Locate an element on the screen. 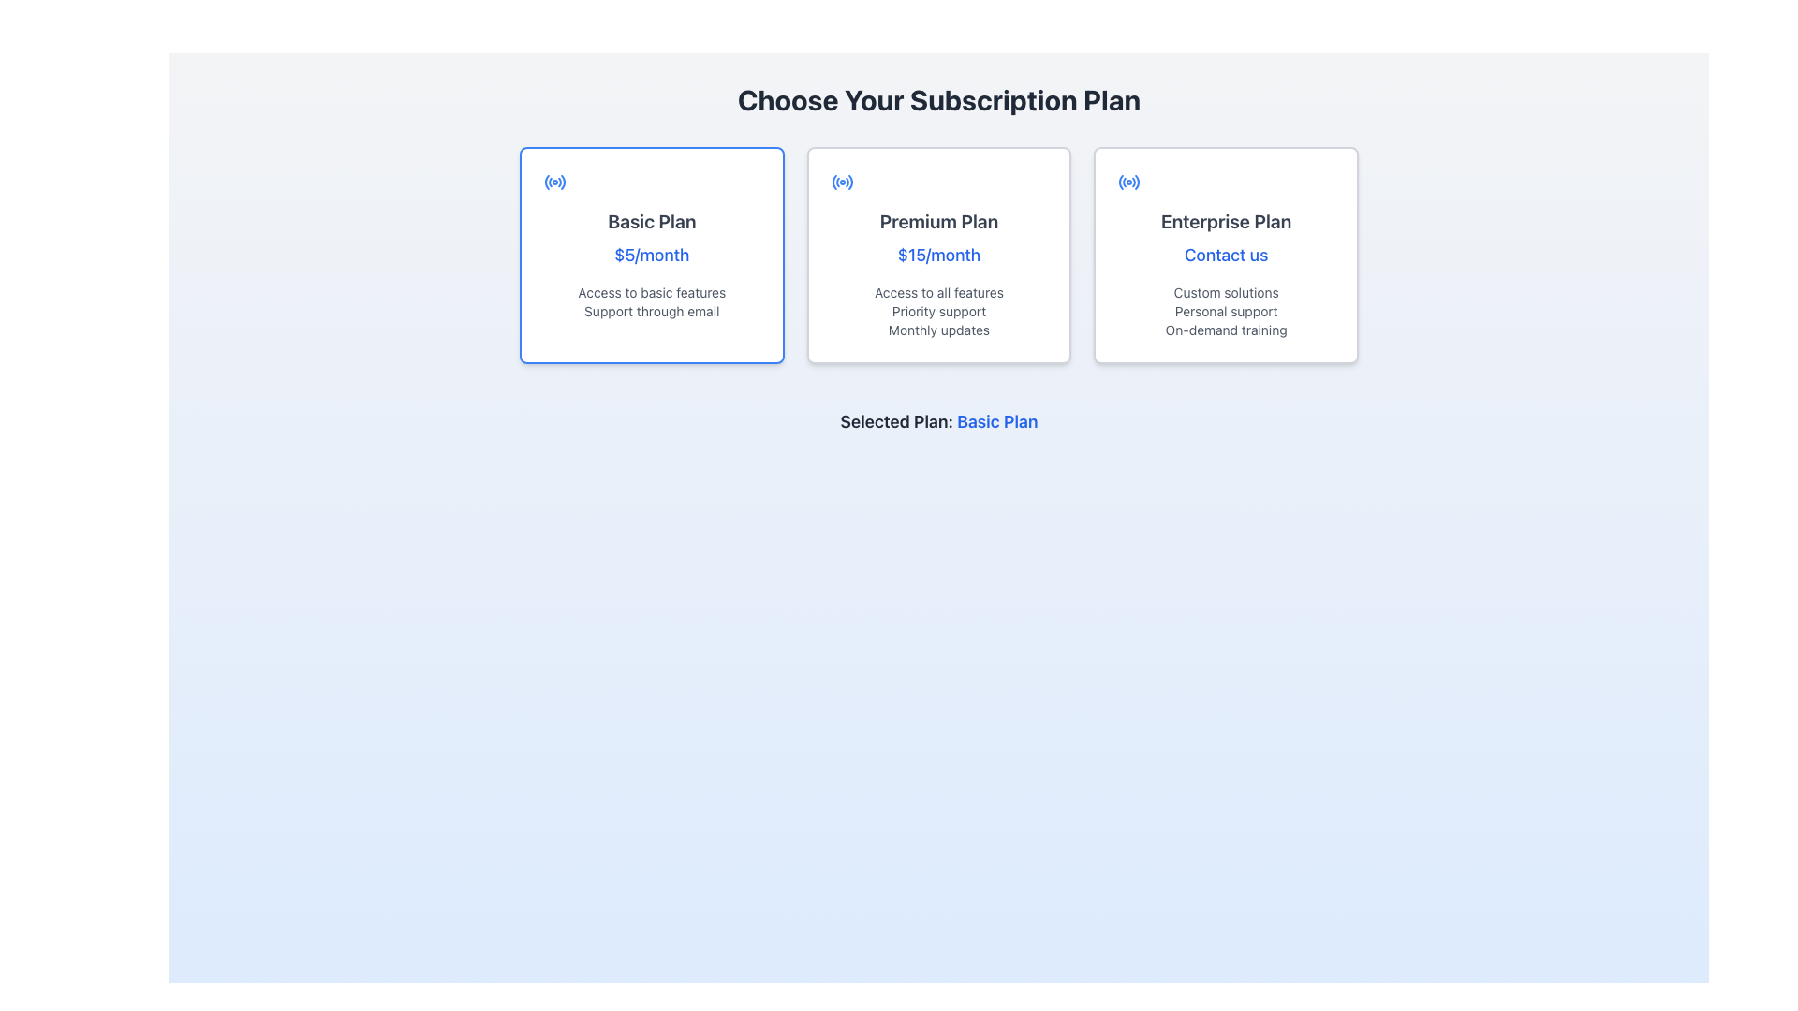  text block located below the '$15/month' pricing text in the 'Premium Plan' section, which contains the lines: 'Access to all features,' 'Priority support,' and 'Monthly updates.' is located at coordinates (939, 310).